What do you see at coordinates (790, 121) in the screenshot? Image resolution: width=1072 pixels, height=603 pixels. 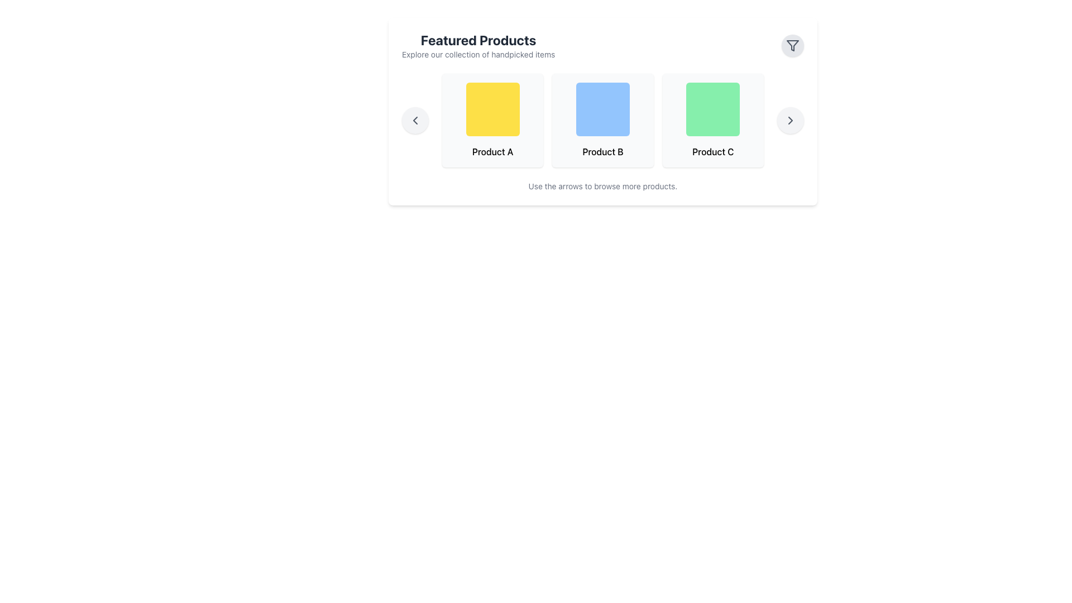 I see `the navigation button located at the bottom-right of the product listing to observe the shadow effect` at bounding box center [790, 121].